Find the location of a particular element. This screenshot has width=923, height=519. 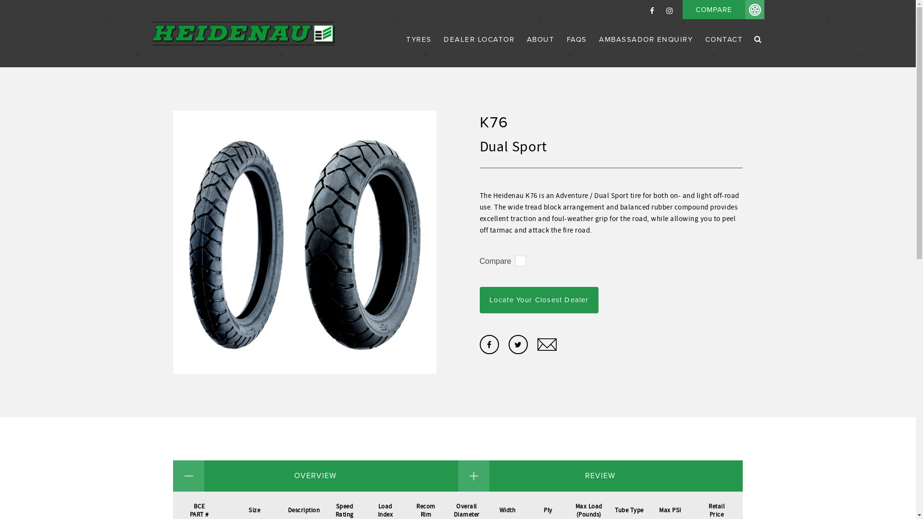

'FAQS' is located at coordinates (577, 50).